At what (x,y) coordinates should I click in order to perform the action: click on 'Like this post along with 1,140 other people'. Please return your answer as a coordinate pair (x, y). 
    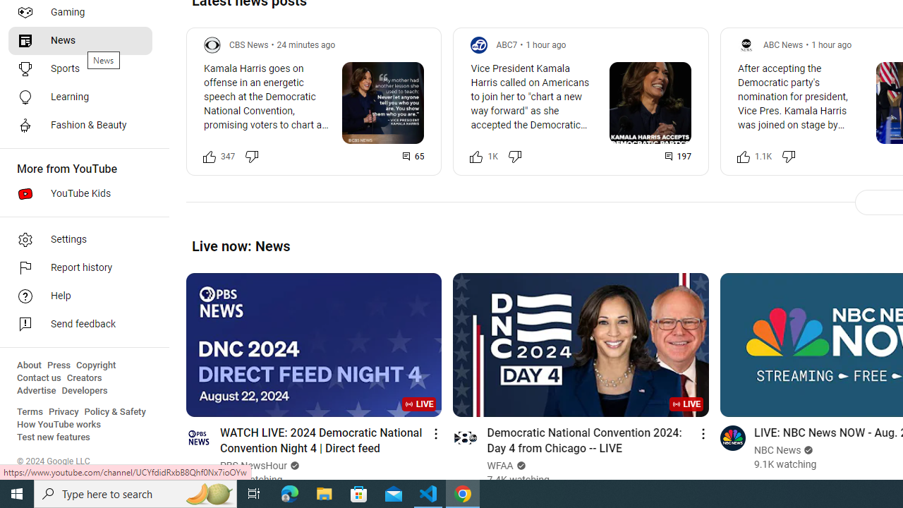
    Looking at the image, I should click on (742, 156).